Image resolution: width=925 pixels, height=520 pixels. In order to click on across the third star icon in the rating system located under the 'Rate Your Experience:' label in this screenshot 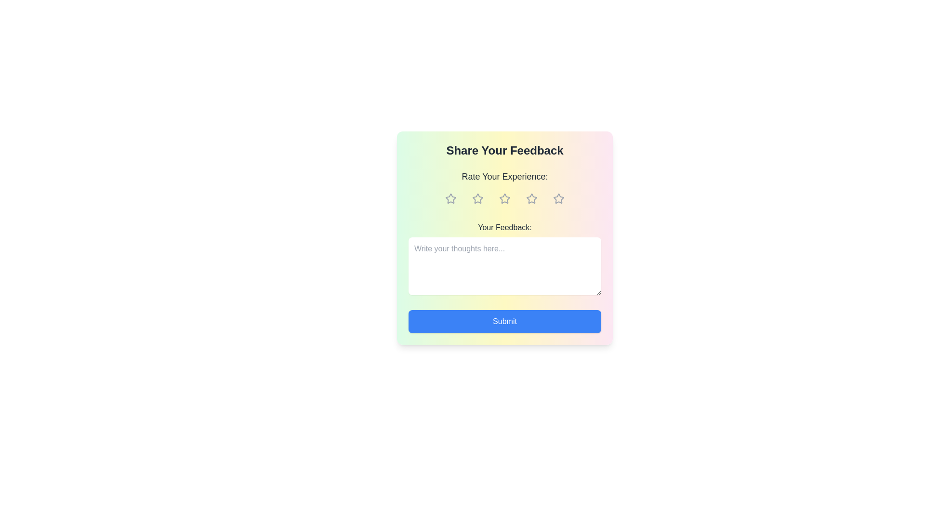, I will do `click(504, 198)`.